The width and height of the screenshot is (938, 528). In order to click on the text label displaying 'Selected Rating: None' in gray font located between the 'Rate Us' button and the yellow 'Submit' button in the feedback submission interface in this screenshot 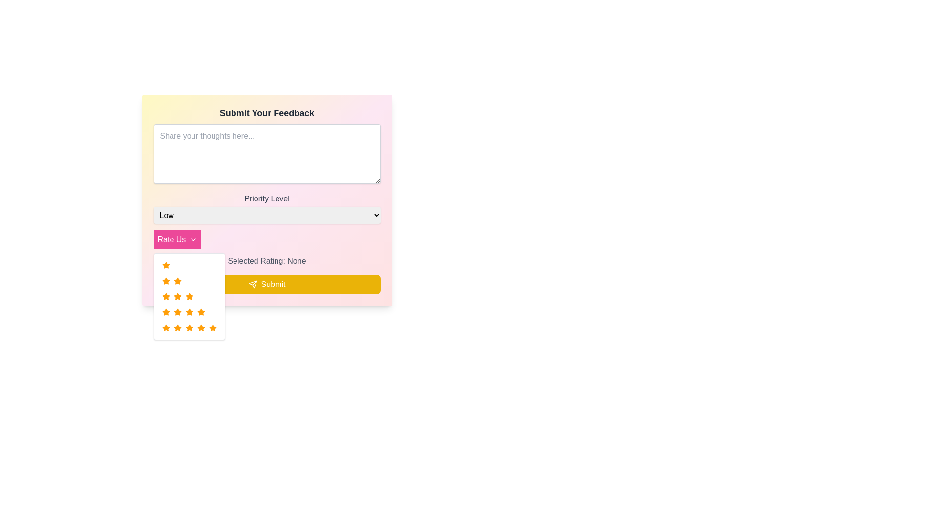, I will do `click(267, 260)`.